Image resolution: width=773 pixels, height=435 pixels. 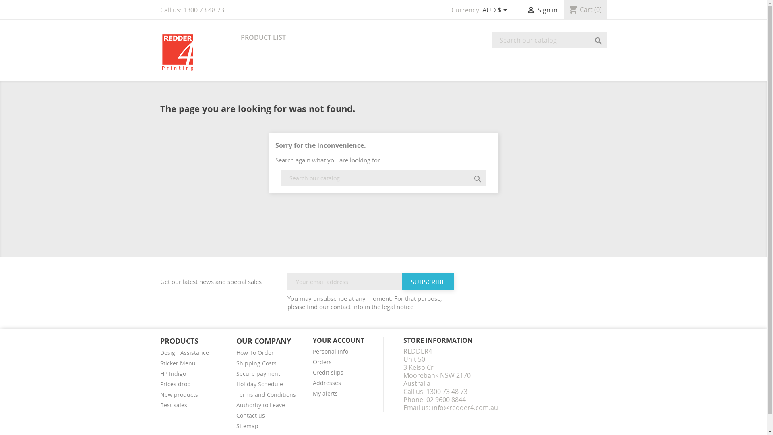 I want to click on 'Personal info', so click(x=330, y=351).